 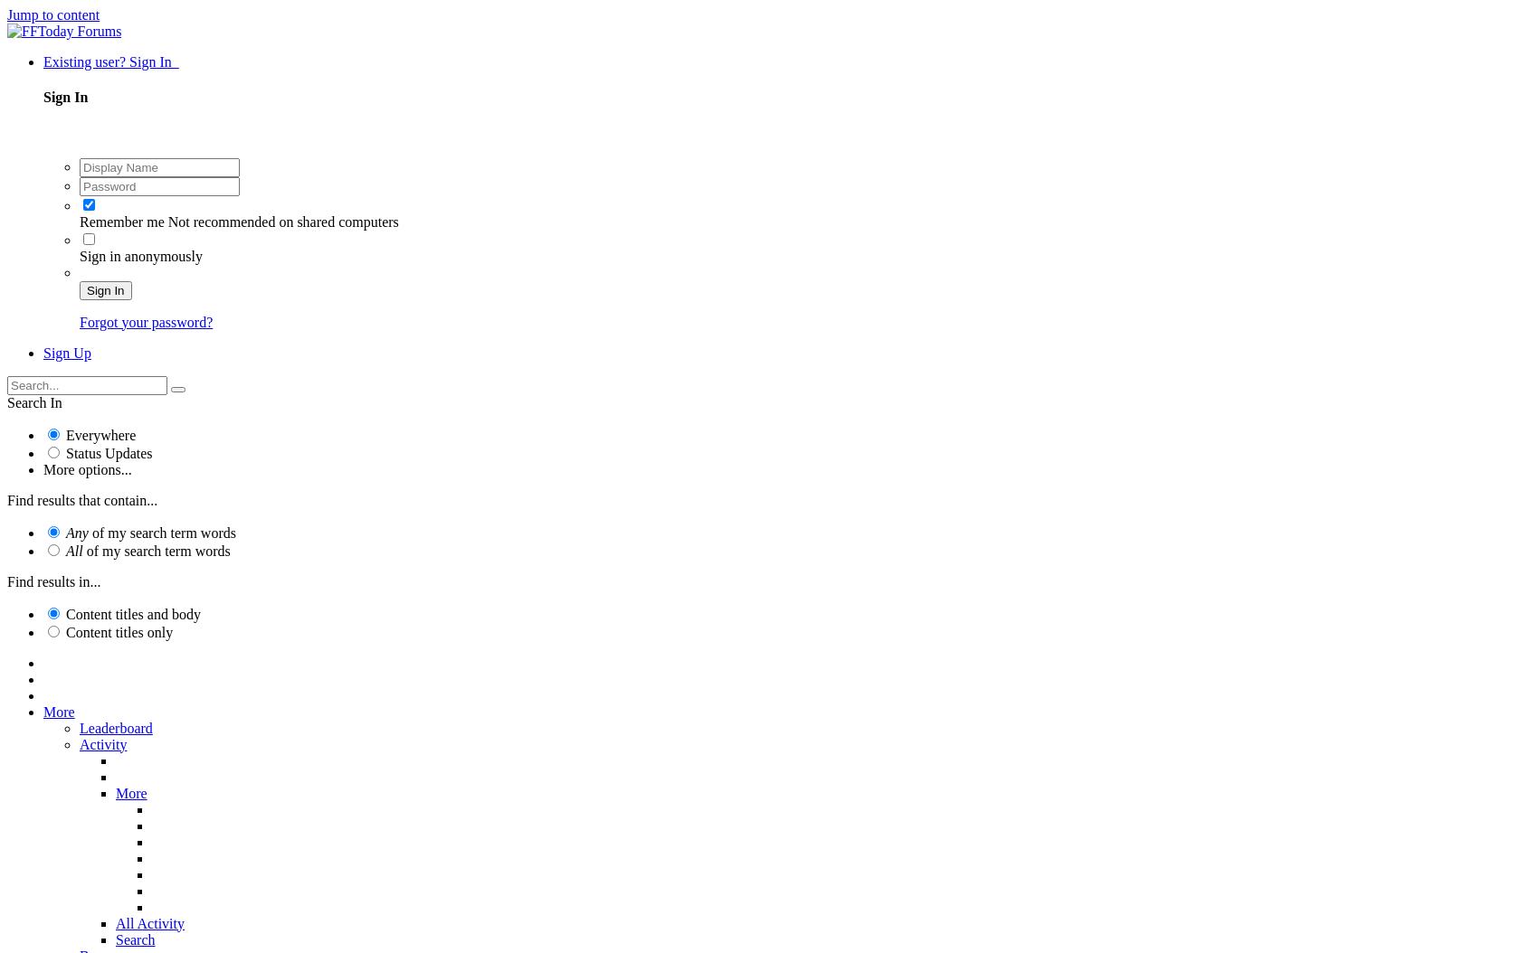 I want to click on 'Leaderboard', so click(x=115, y=726).